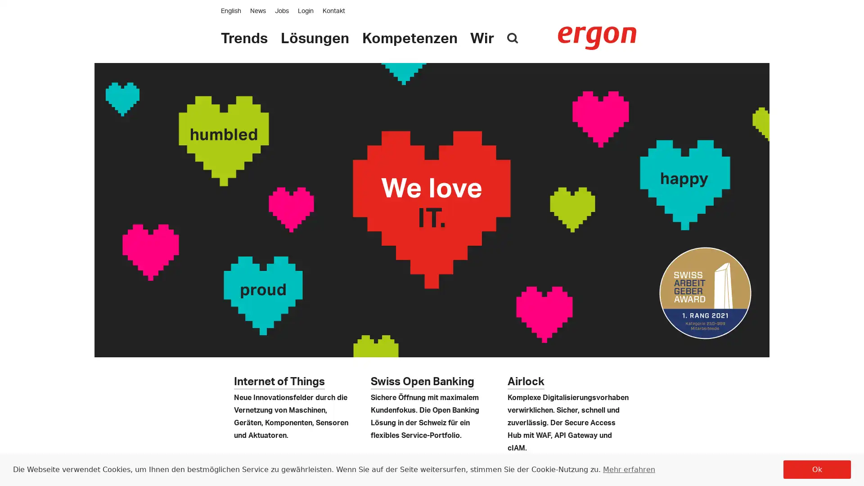 The height and width of the screenshot is (486, 864). Describe the element at coordinates (817, 469) in the screenshot. I see `dismiss cookie message` at that location.